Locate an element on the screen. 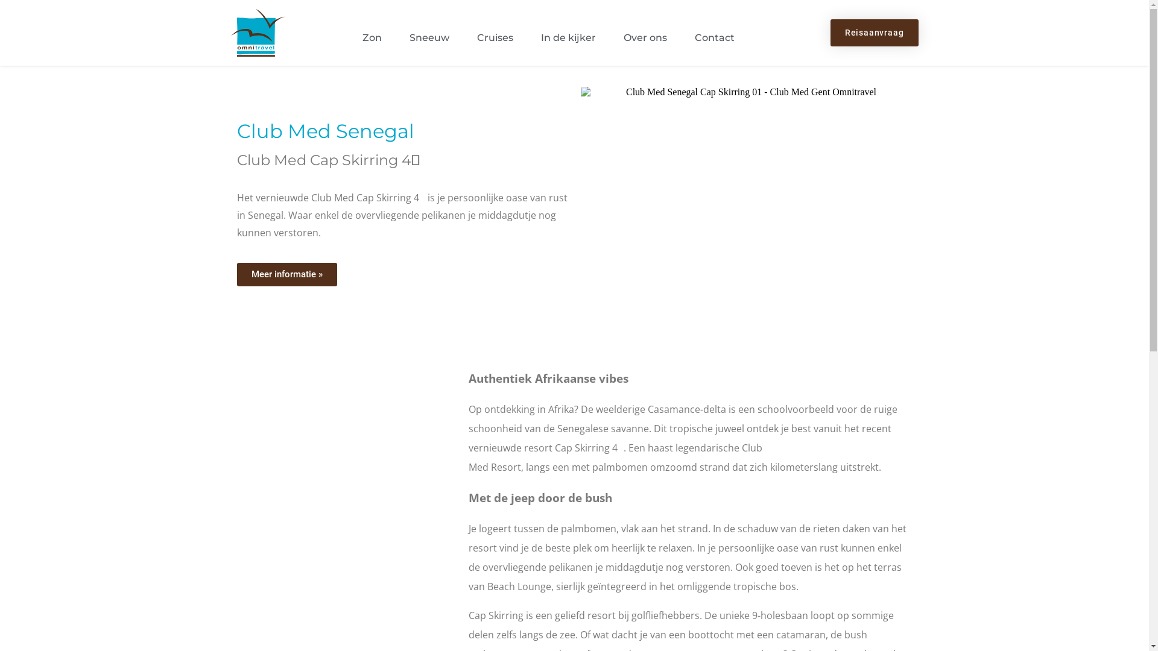  'In de kijker' is located at coordinates (567, 37).